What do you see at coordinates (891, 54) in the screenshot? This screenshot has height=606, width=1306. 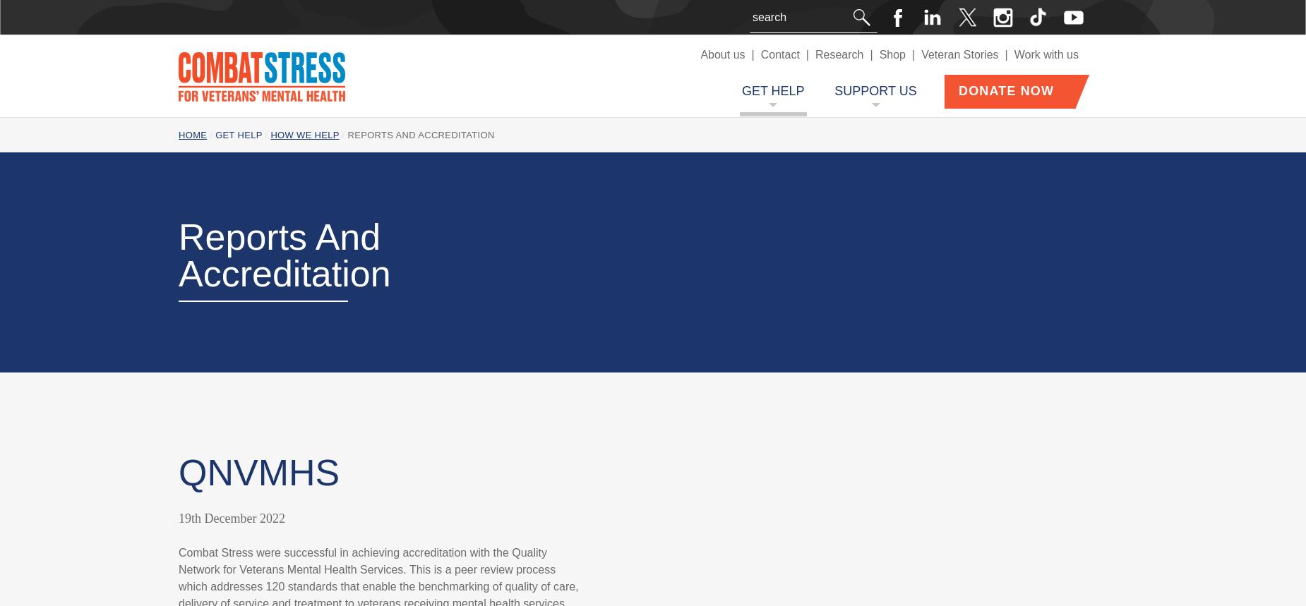 I see `'Shop'` at bounding box center [891, 54].